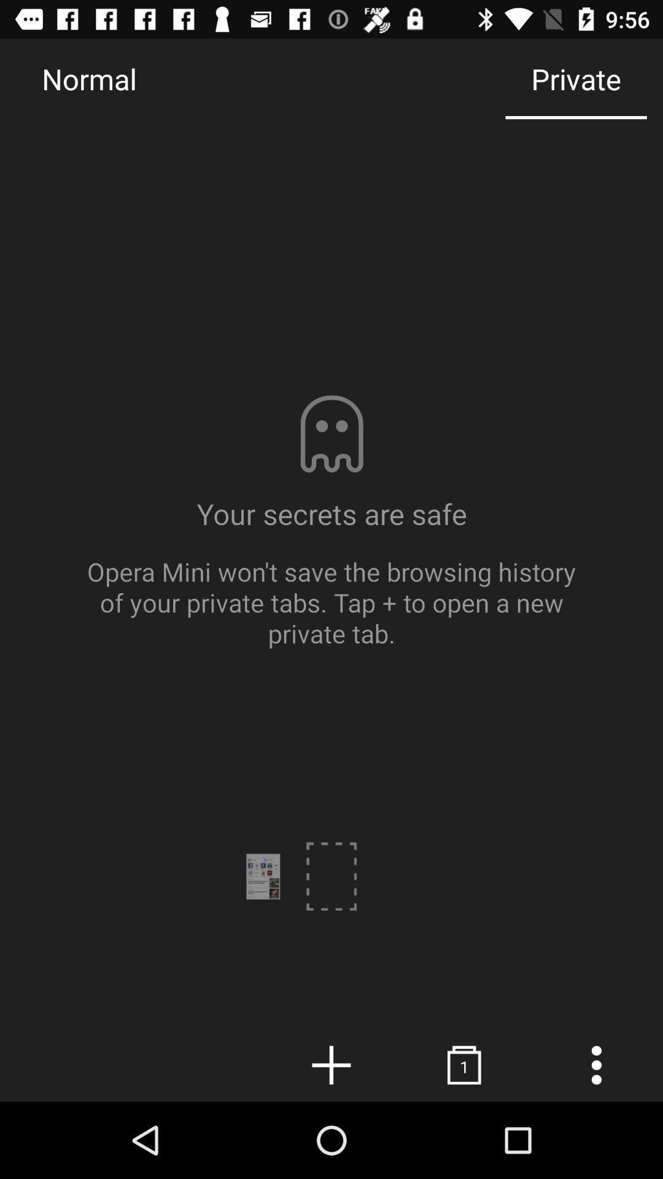 Image resolution: width=663 pixels, height=1179 pixels. What do you see at coordinates (576, 78) in the screenshot?
I see `the private` at bounding box center [576, 78].